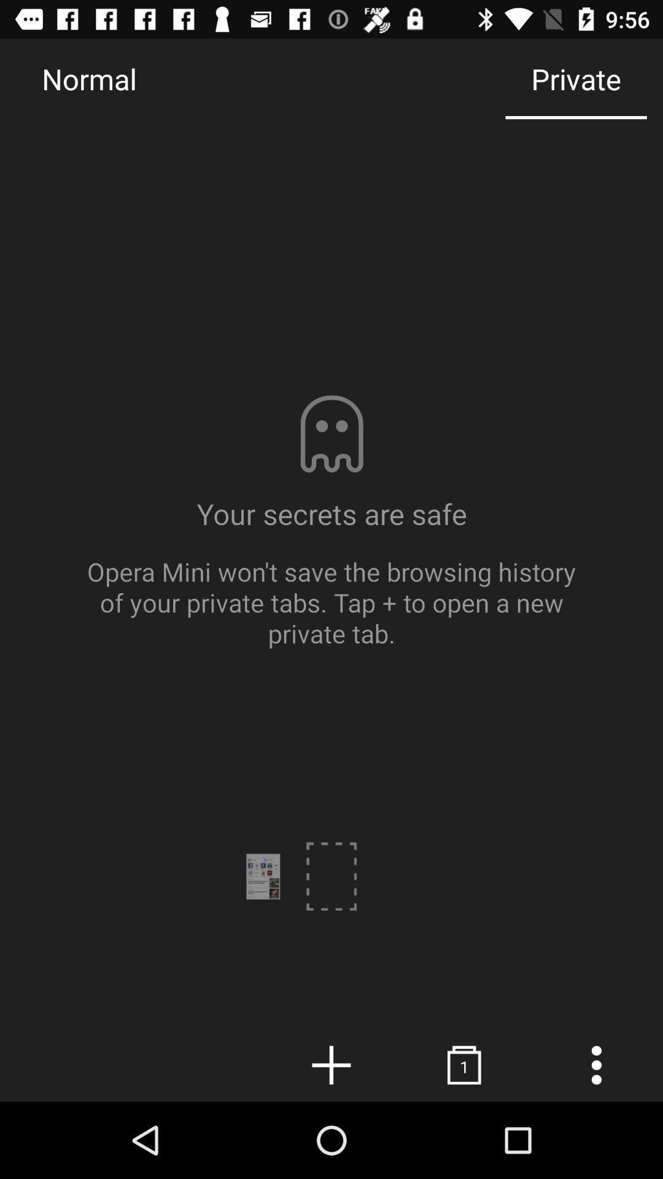 Image resolution: width=663 pixels, height=1179 pixels. What do you see at coordinates (576, 78) in the screenshot?
I see `the private` at bounding box center [576, 78].